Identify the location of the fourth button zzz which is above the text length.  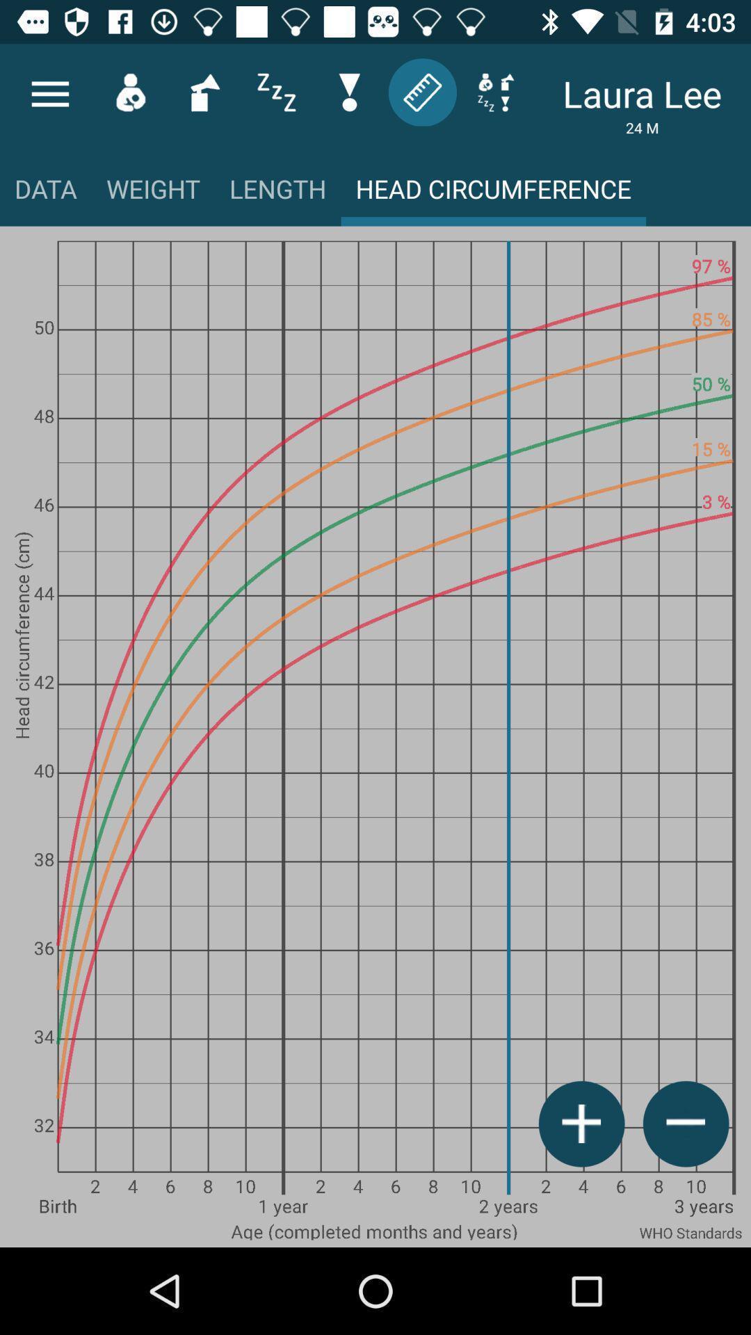
(276, 92).